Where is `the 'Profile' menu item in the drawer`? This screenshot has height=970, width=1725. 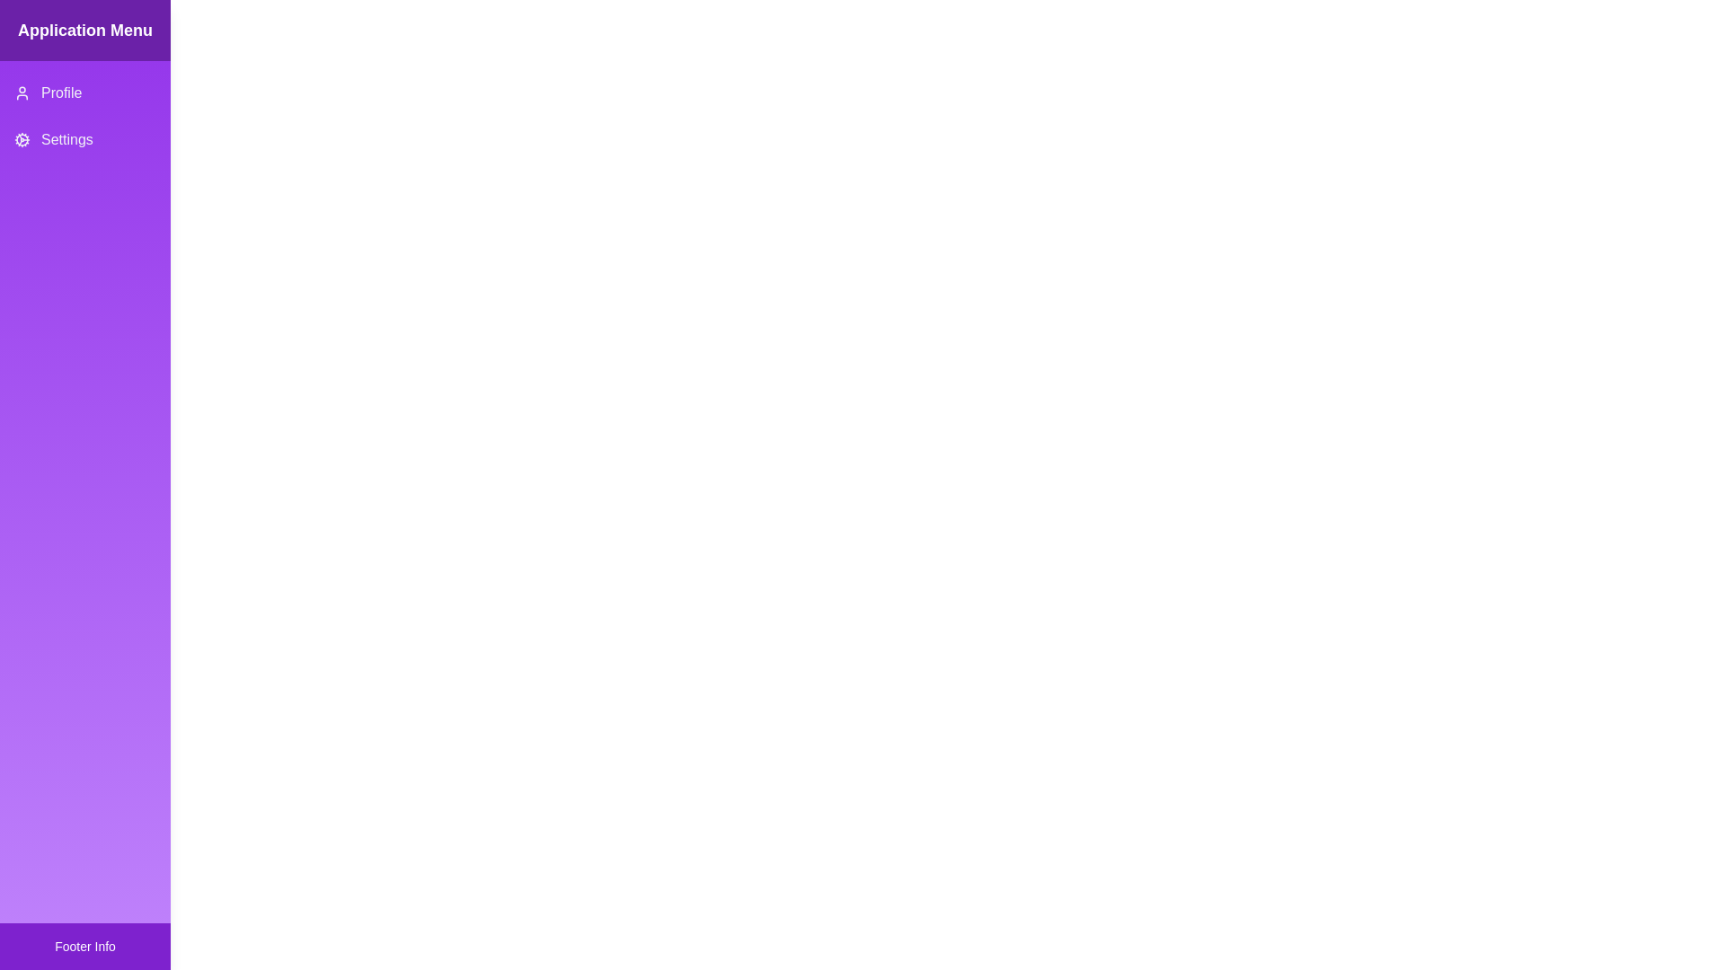
the 'Profile' menu item in the drawer is located at coordinates (84, 93).